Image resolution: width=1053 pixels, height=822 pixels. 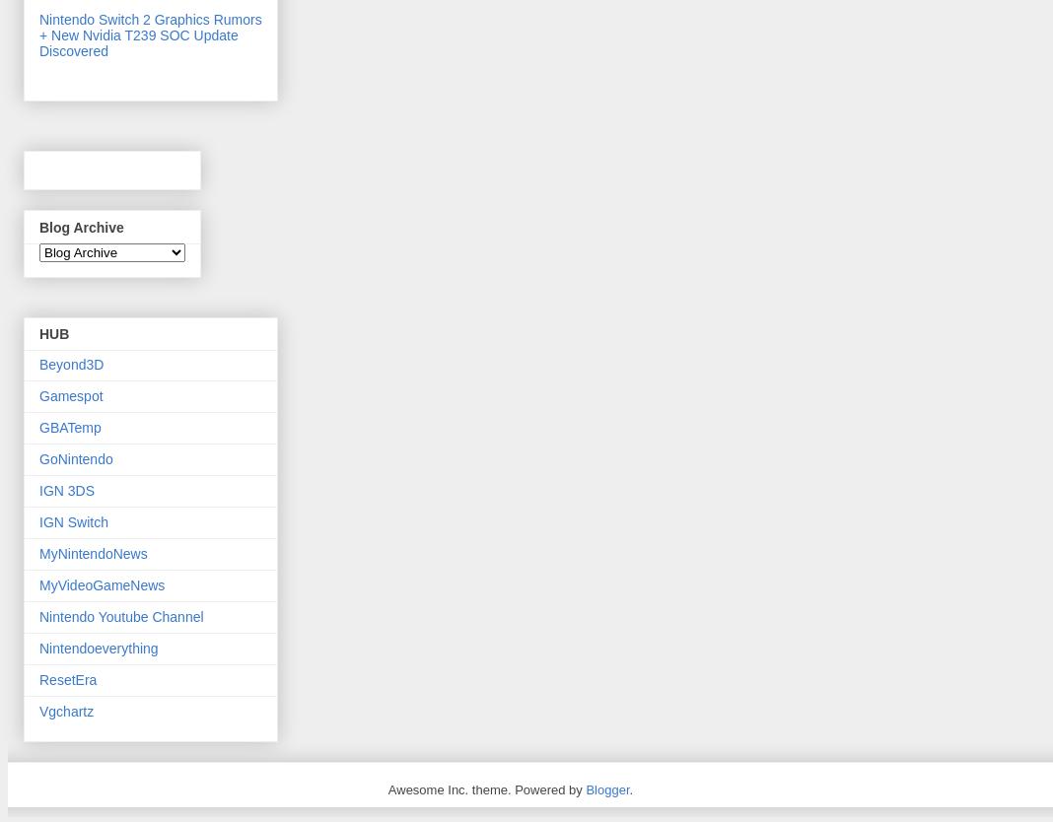 I want to click on 'ResetEra', so click(x=66, y=677).